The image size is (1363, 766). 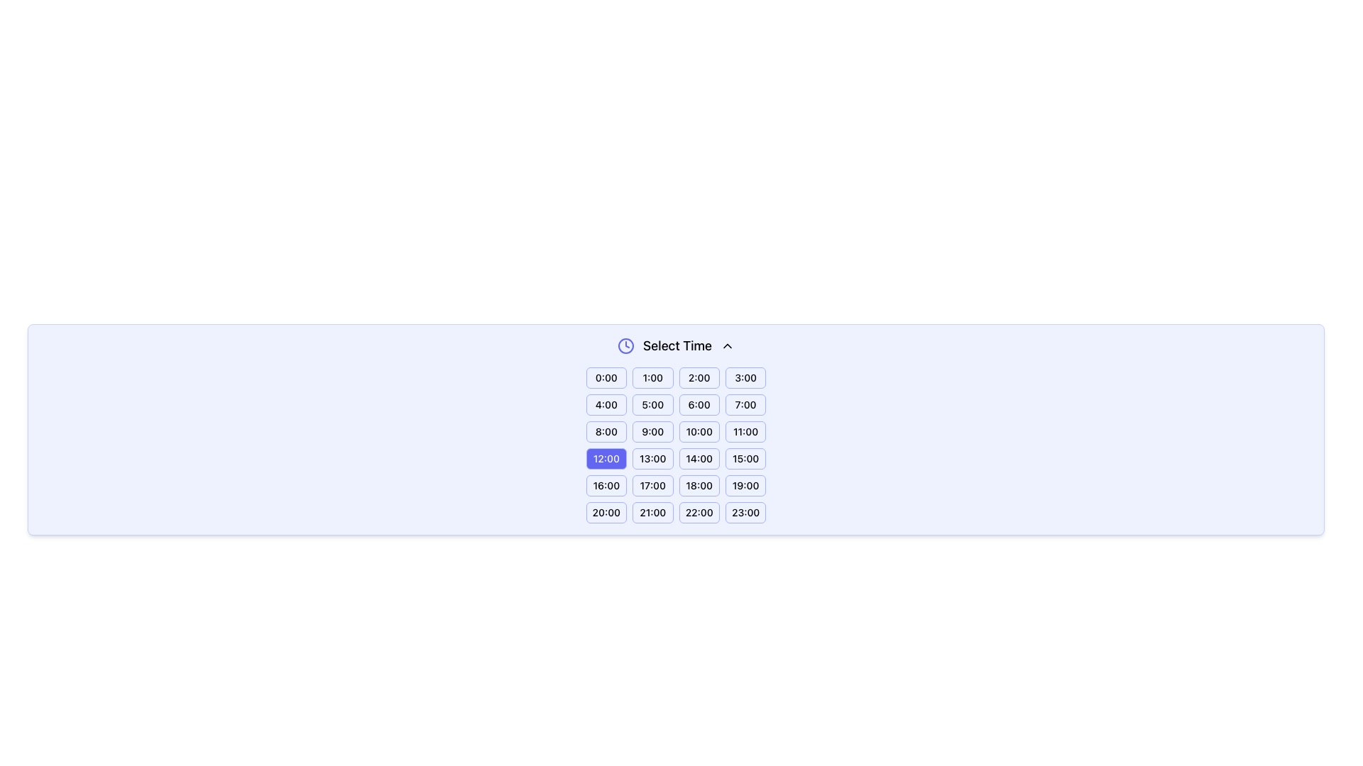 I want to click on the button labeled '16:00' located in the fifth row, first column of the grid layout, so click(x=606, y=485).